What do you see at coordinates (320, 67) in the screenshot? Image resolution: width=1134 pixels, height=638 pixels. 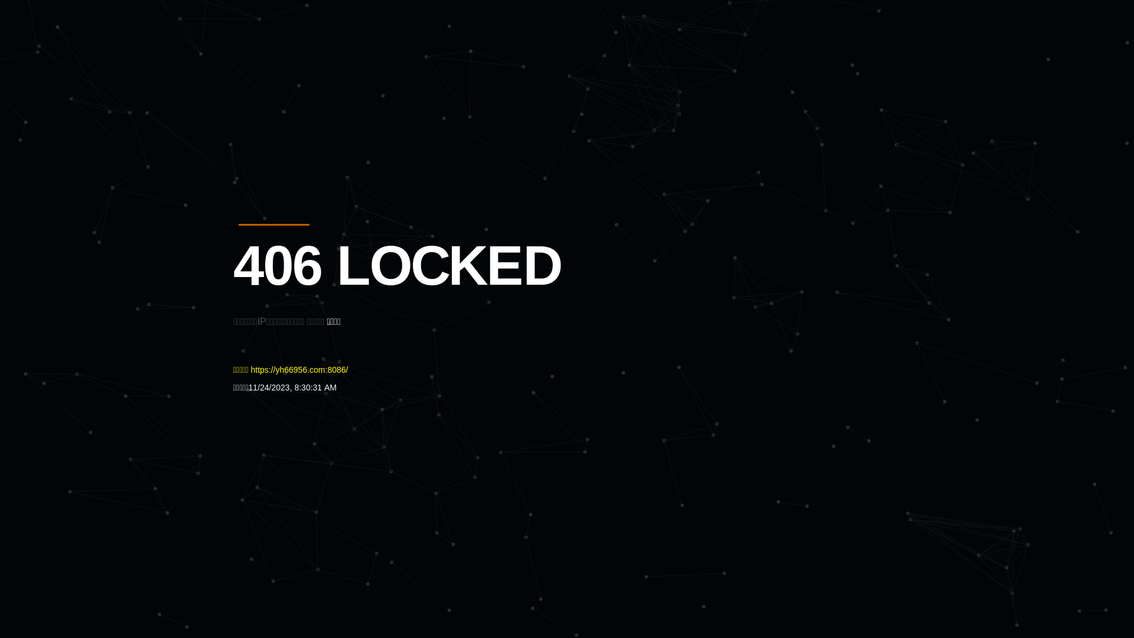 I see `'Quatro'` at bounding box center [320, 67].